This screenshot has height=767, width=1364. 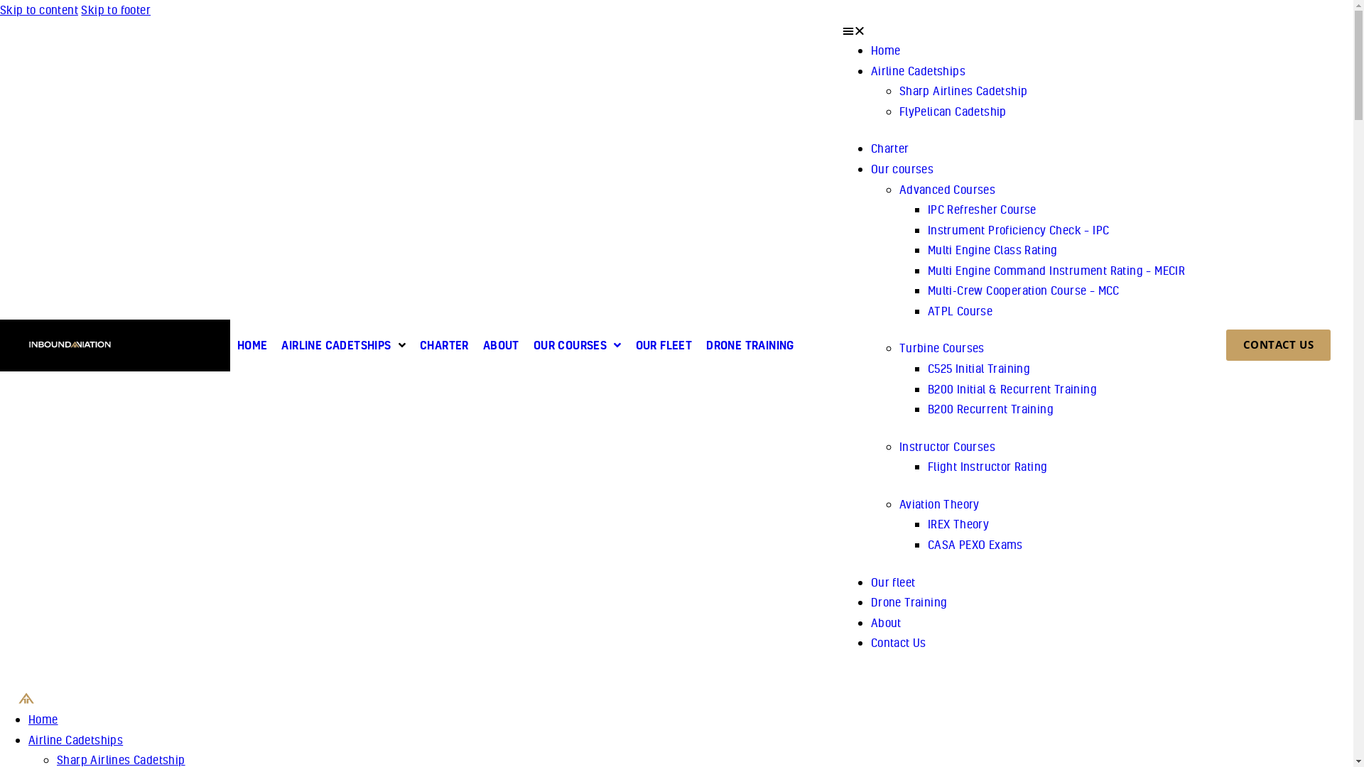 I want to click on 'ATPL Course', so click(x=960, y=310).